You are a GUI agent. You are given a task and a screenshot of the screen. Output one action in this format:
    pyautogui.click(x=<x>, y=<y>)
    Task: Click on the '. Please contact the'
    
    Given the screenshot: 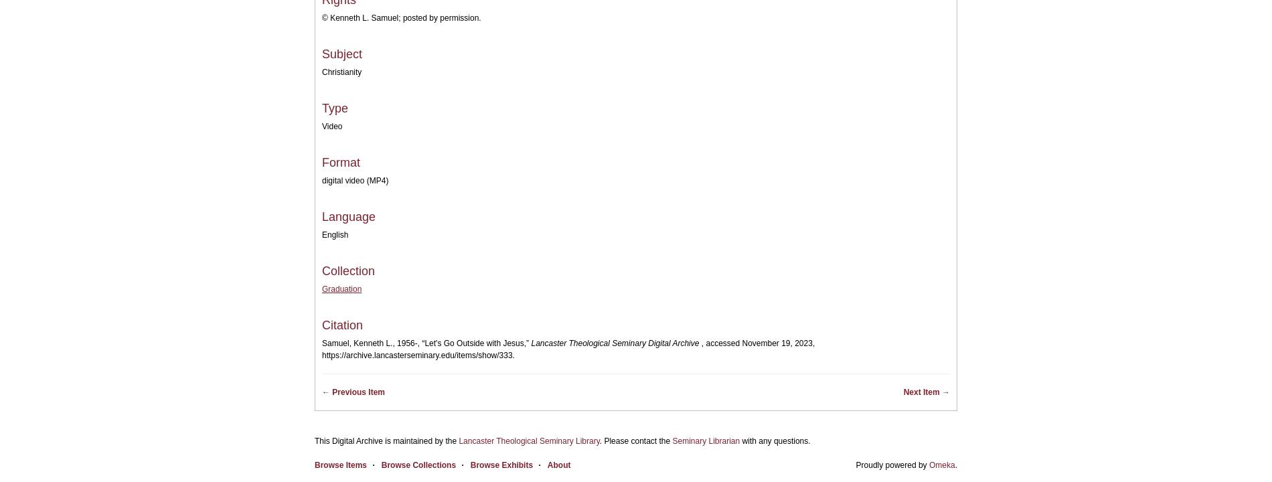 What is the action you would take?
    pyautogui.click(x=635, y=441)
    